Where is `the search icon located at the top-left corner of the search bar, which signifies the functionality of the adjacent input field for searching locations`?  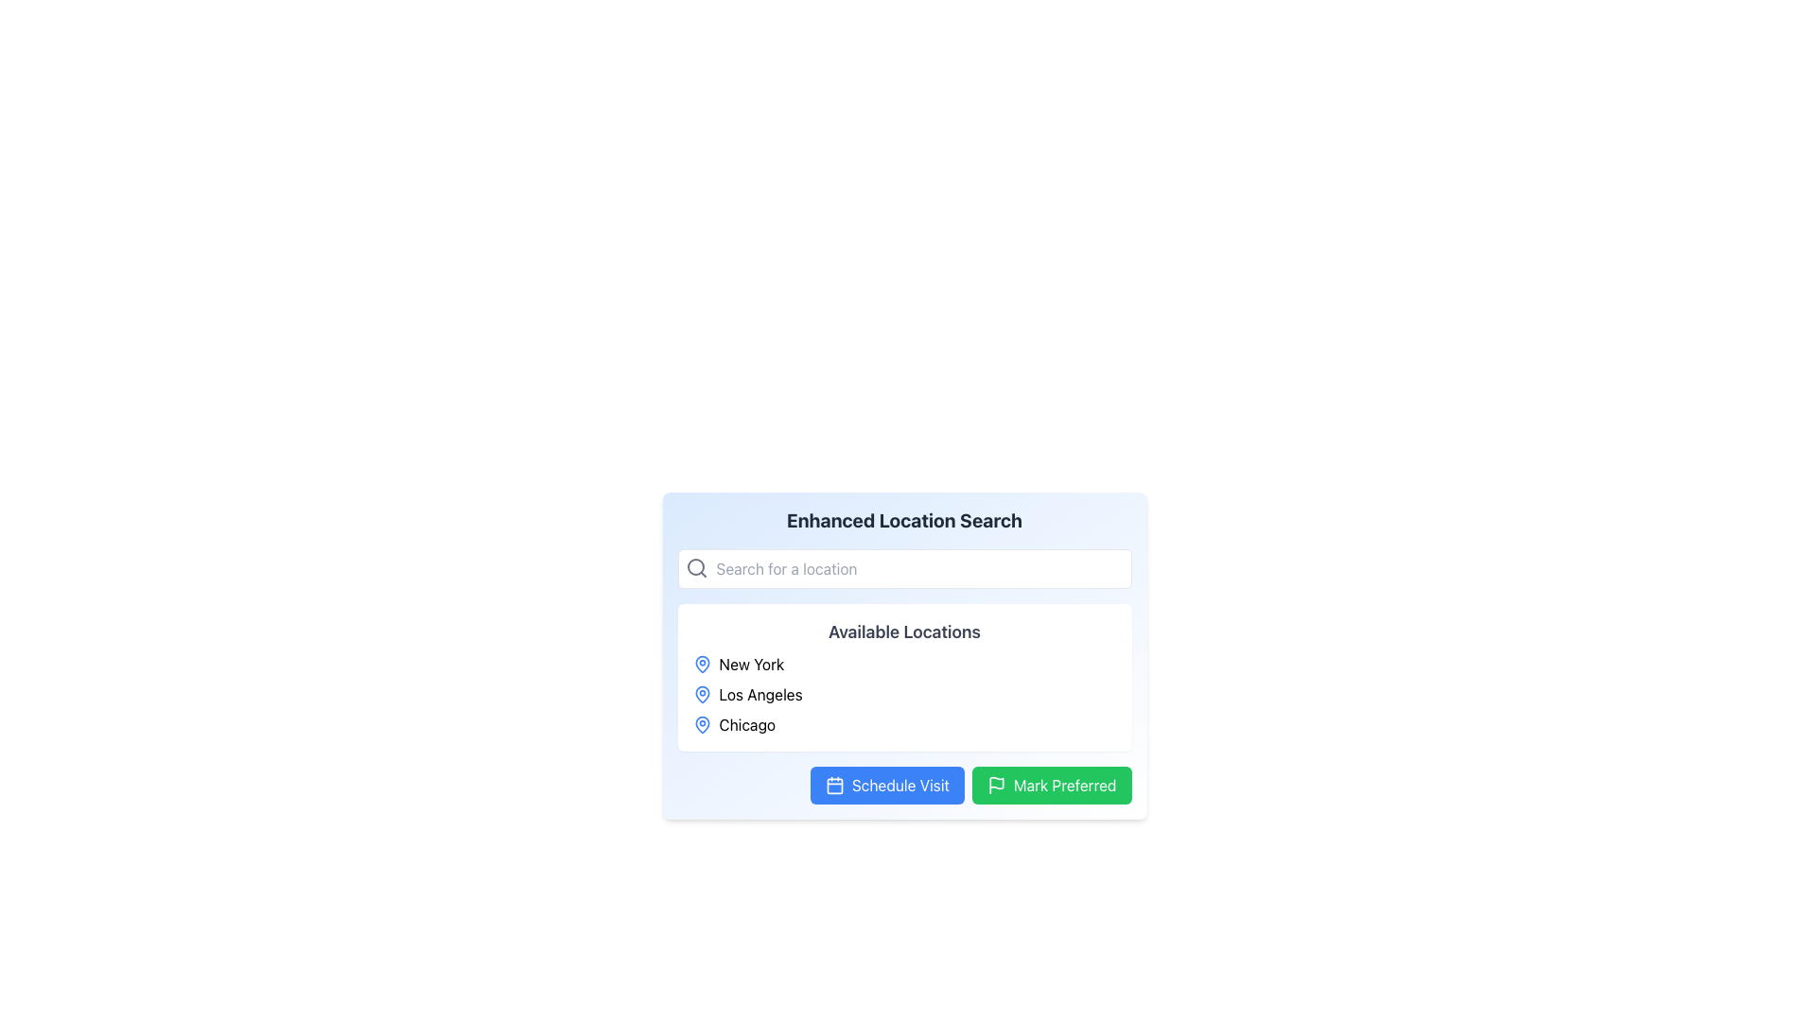 the search icon located at the top-left corner of the search bar, which signifies the functionality of the adjacent input field for searching locations is located at coordinates (695, 567).